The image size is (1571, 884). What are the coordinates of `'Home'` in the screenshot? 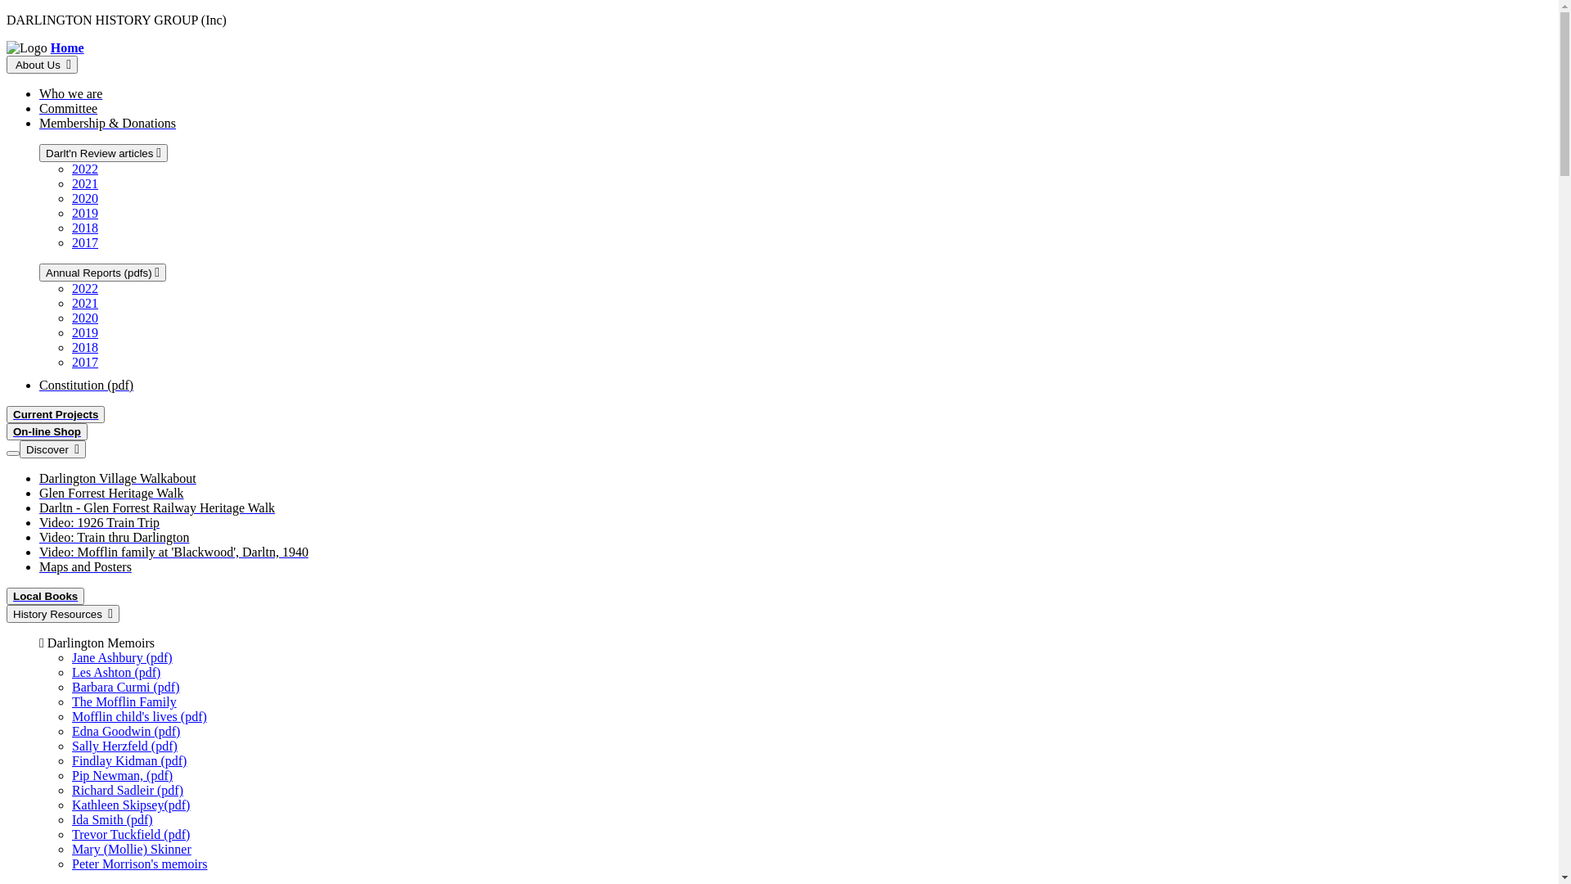 It's located at (66, 47).